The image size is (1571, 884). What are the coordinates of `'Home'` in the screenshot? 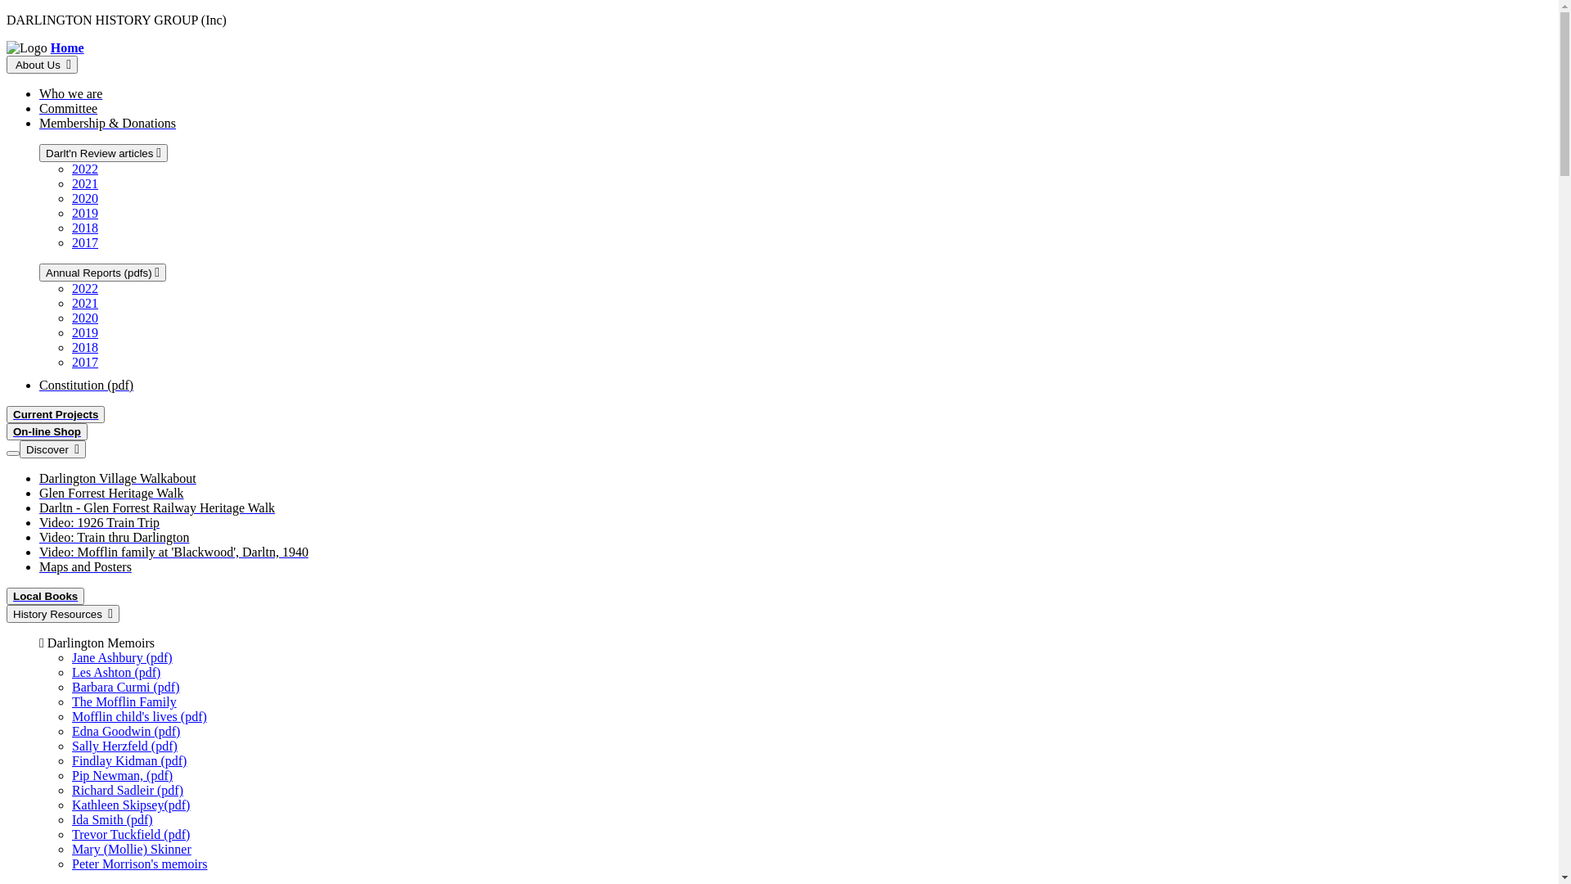 It's located at (66, 47).